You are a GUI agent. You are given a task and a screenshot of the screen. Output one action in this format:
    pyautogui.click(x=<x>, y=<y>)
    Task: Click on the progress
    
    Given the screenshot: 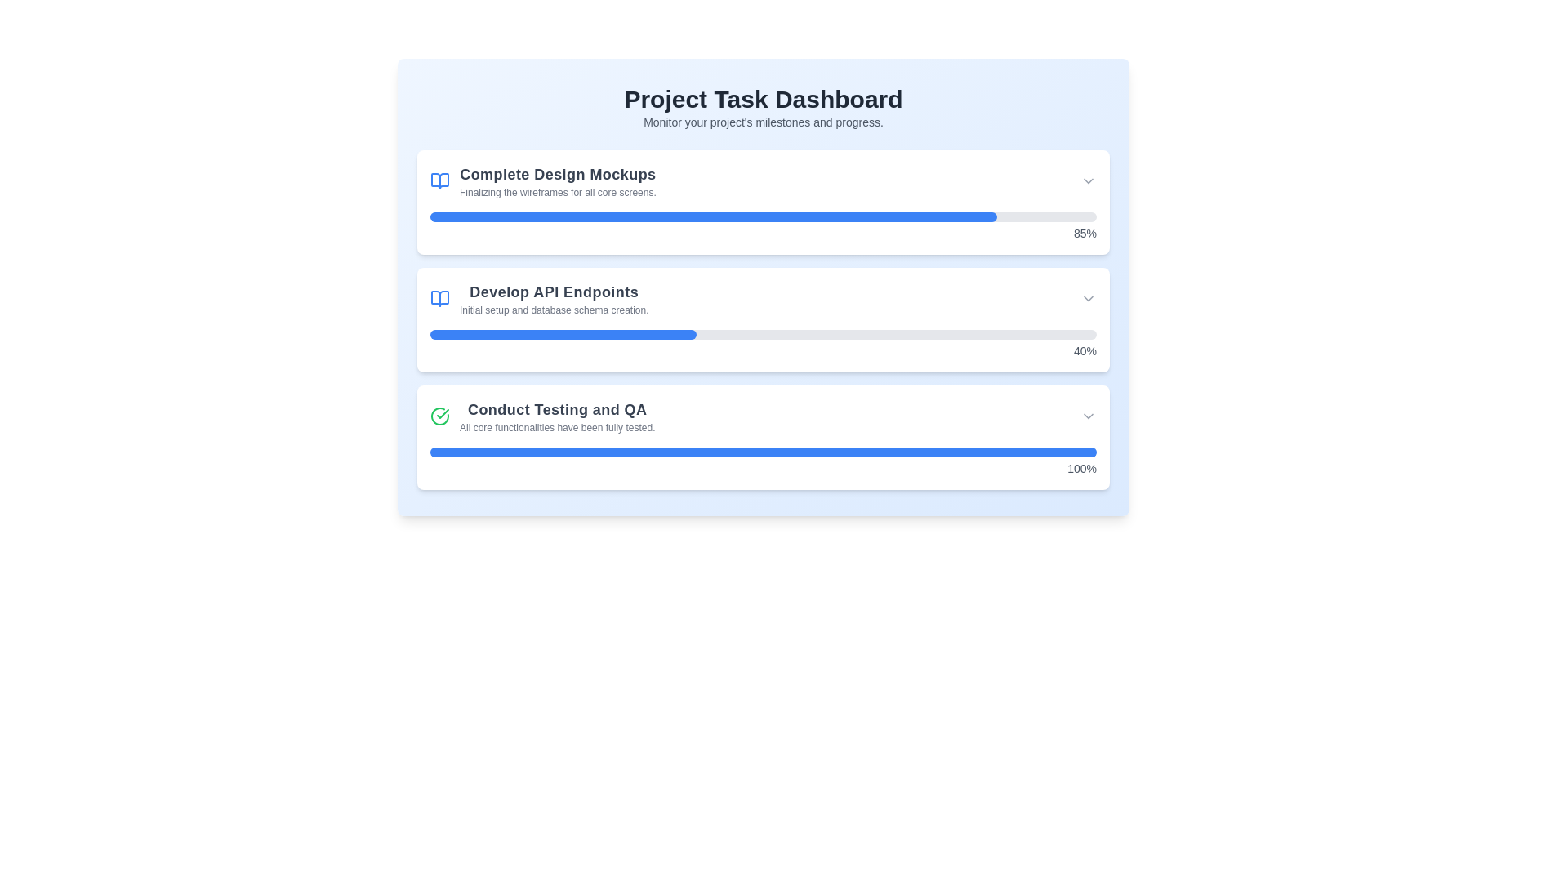 What is the action you would take?
    pyautogui.click(x=676, y=333)
    